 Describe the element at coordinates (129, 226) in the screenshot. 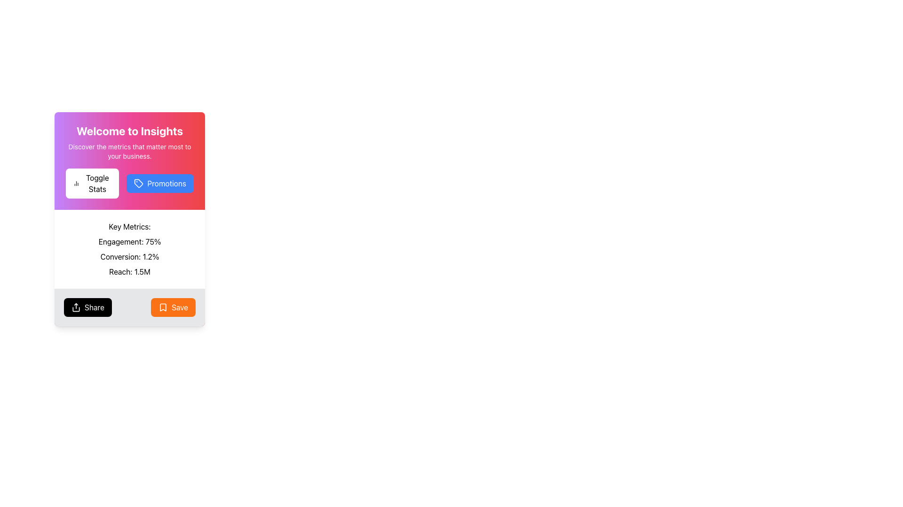

I see `the Text Label displaying 'Key Metrics:' which serves as a header for the performance metrics section` at that location.